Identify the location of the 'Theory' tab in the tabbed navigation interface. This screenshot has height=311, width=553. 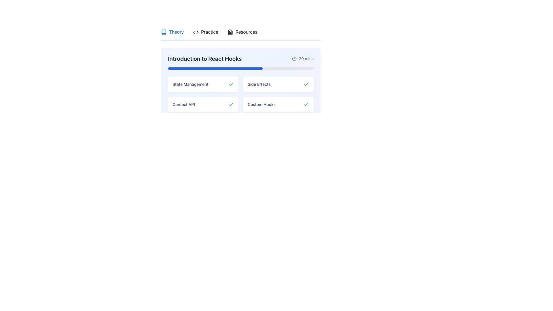
(172, 32).